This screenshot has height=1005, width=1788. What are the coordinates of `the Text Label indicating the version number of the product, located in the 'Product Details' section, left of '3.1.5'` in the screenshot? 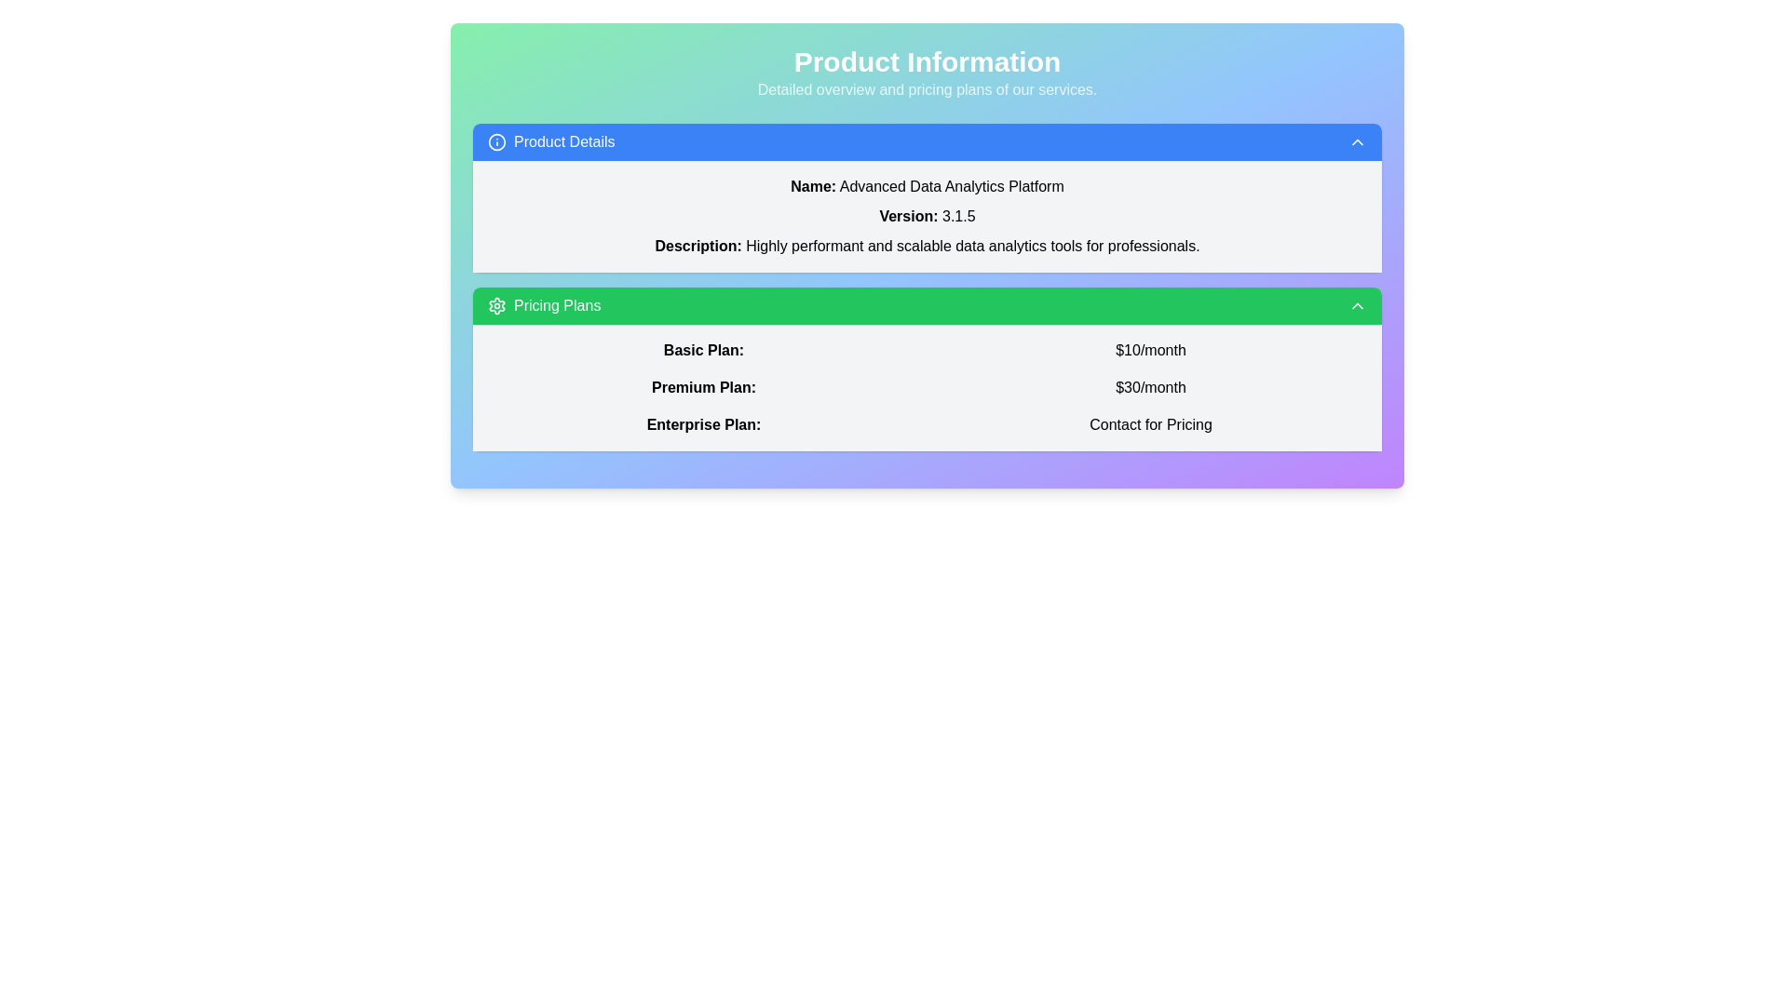 It's located at (908, 215).